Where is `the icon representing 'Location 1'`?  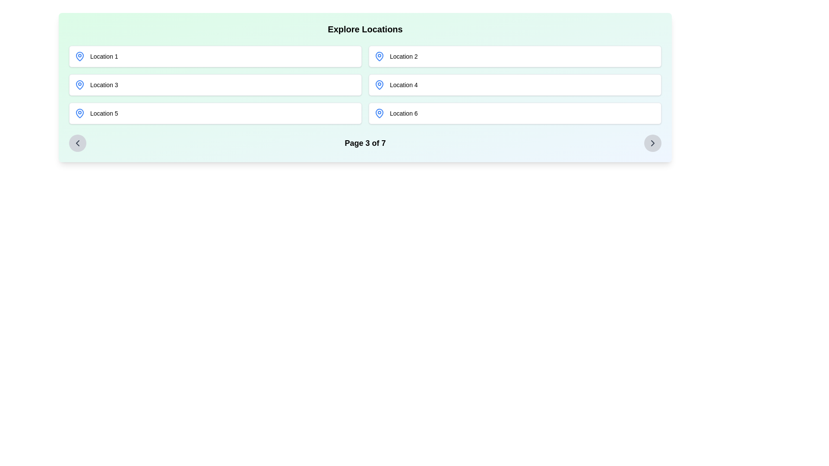
the icon representing 'Location 1' is located at coordinates (80, 57).